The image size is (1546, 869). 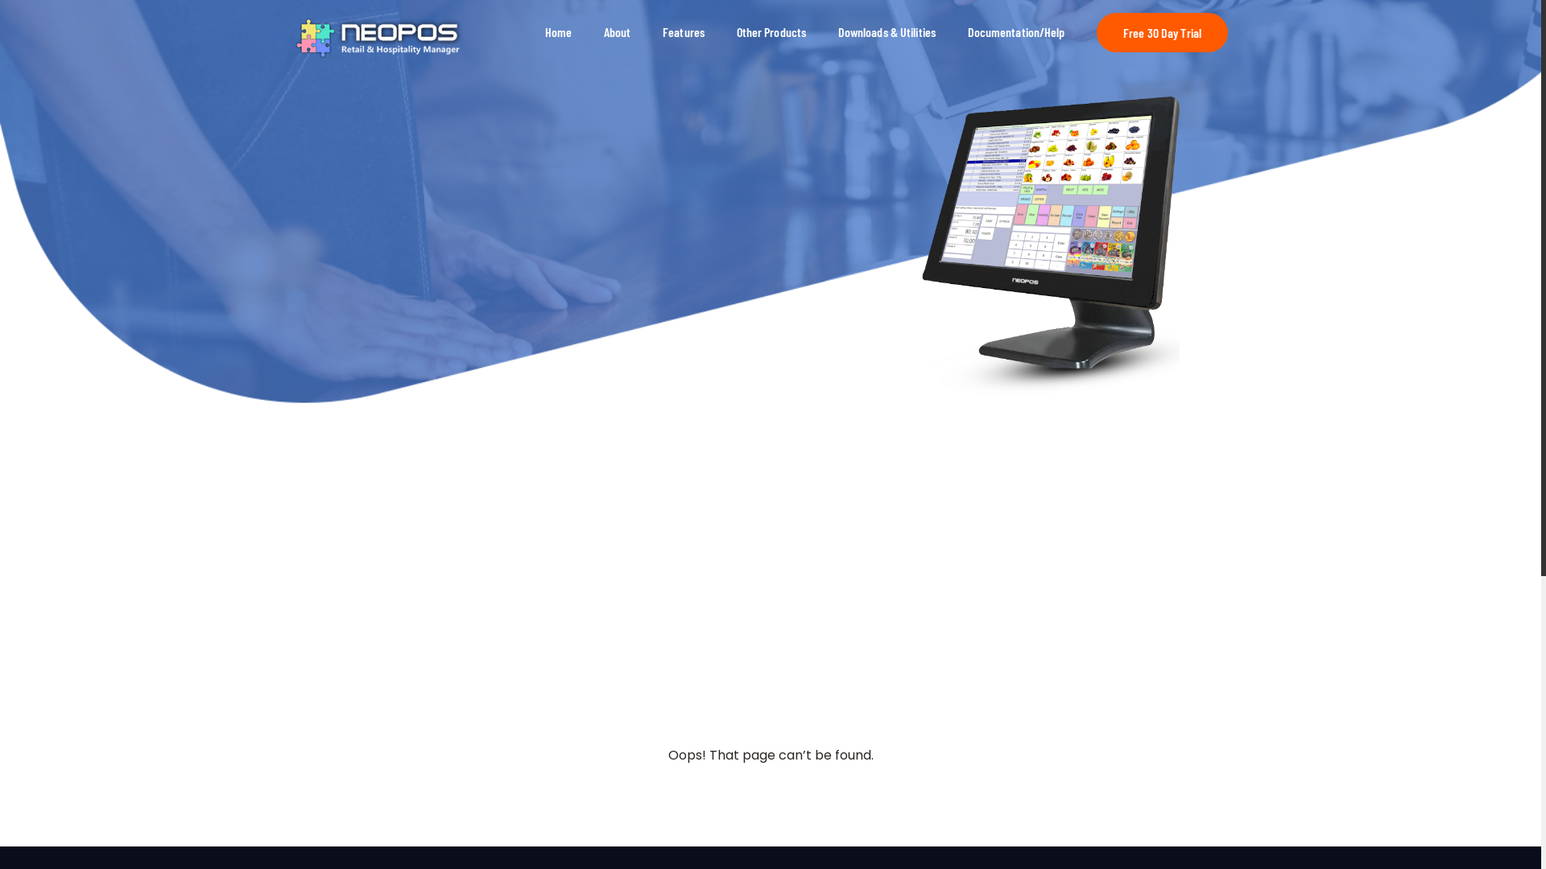 I want to click on 'About', so click(x=602, y=31).